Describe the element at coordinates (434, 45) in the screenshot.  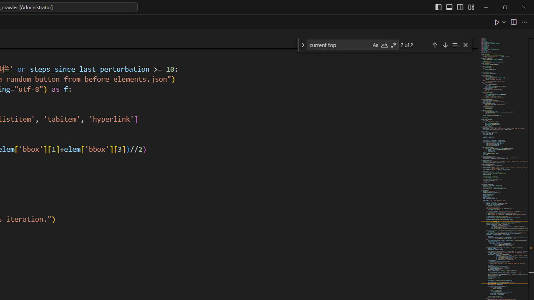
I see `'Previous Match (Shift+Enter)'` at that location.